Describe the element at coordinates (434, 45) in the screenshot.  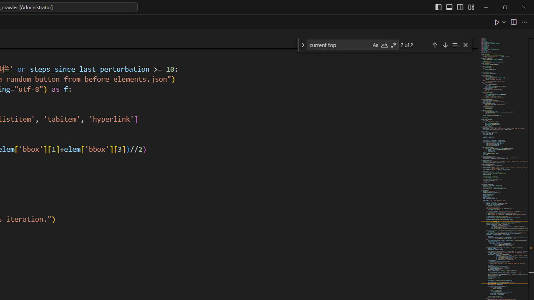
I see `'Previous Match (Shift+Enter)'` at that location.